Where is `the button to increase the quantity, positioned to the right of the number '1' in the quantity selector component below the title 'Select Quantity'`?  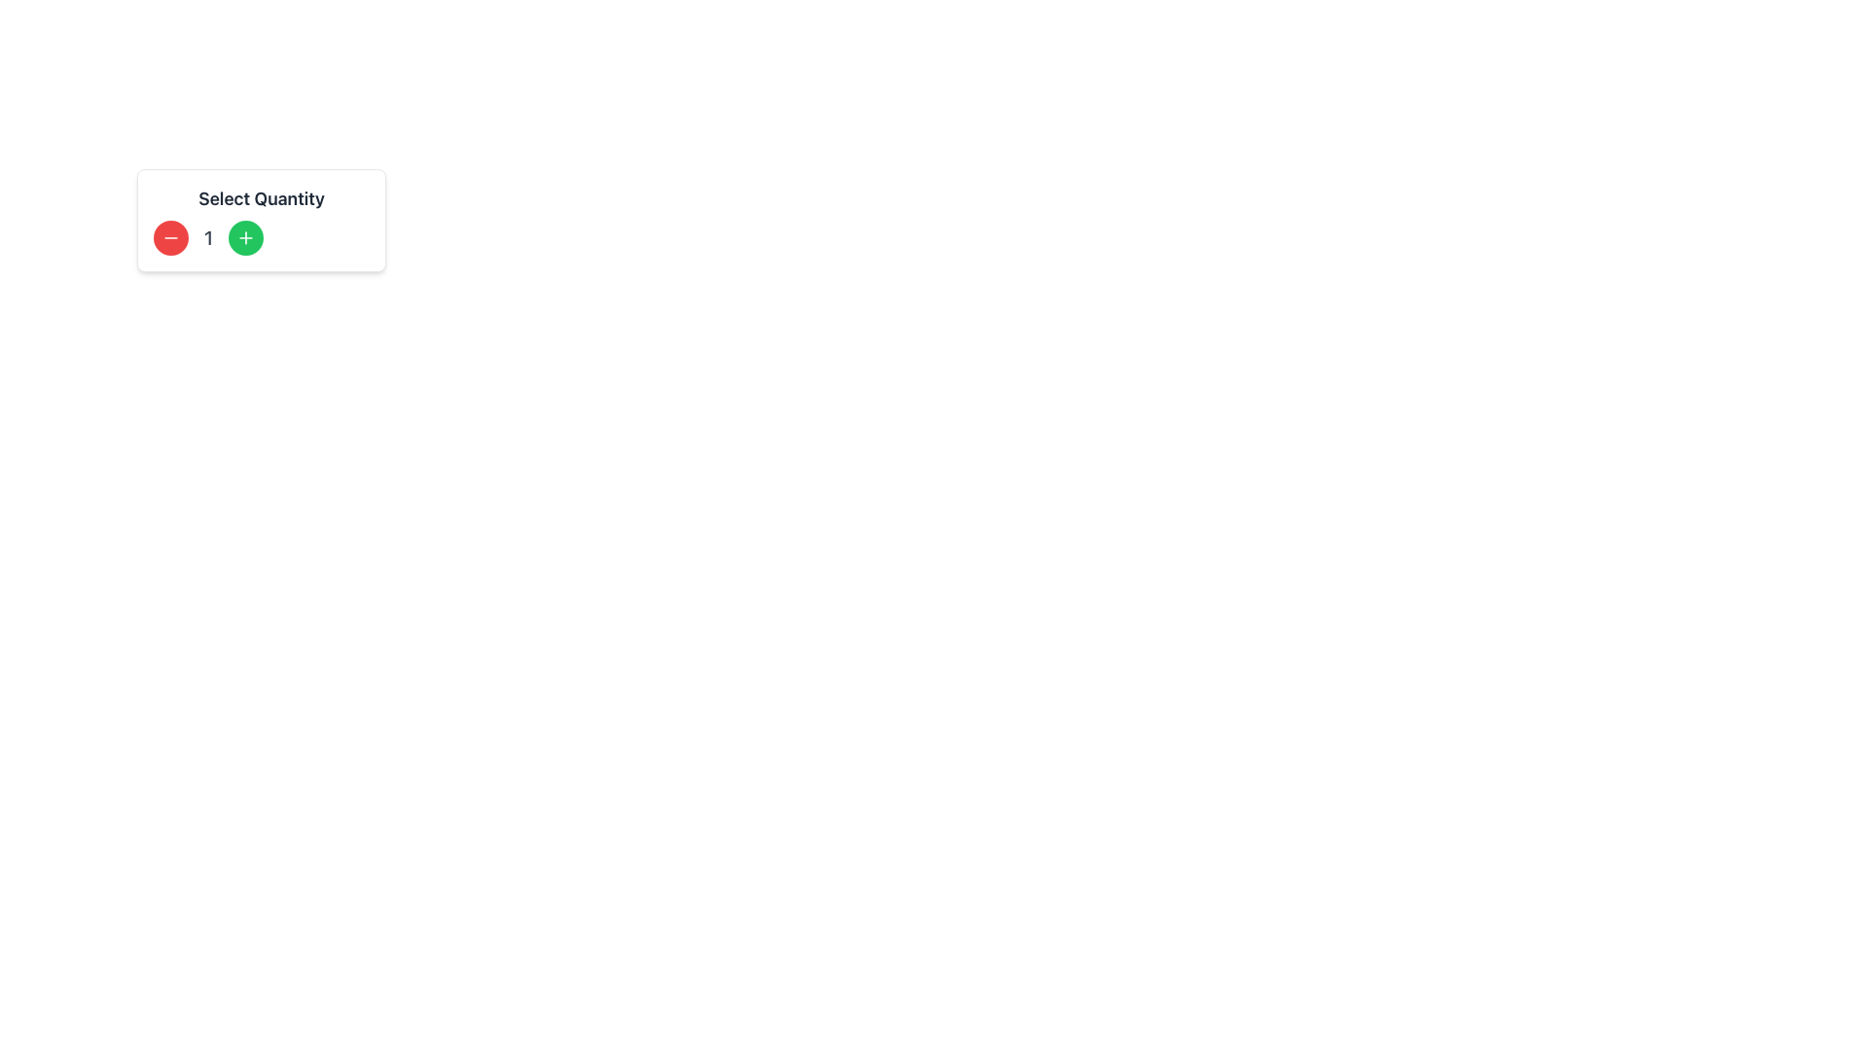 the button to increase the quantity, positioned to the right of the number '1' in the quantity selector component below the title 'Select Quantity' is located at coordinates (245, 237).